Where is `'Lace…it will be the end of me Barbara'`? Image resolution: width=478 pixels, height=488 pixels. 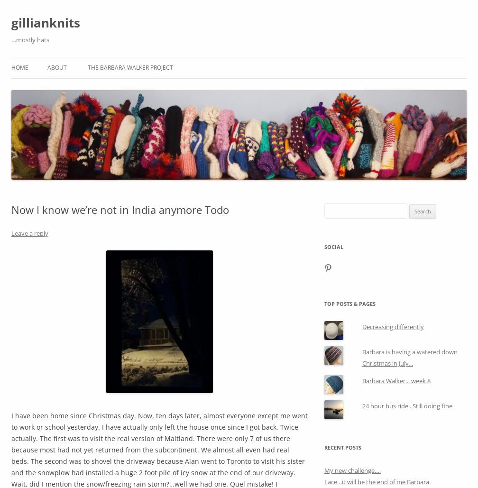
'Lace…it will be the end of me Barbara' is located at coordinates (377, 481).